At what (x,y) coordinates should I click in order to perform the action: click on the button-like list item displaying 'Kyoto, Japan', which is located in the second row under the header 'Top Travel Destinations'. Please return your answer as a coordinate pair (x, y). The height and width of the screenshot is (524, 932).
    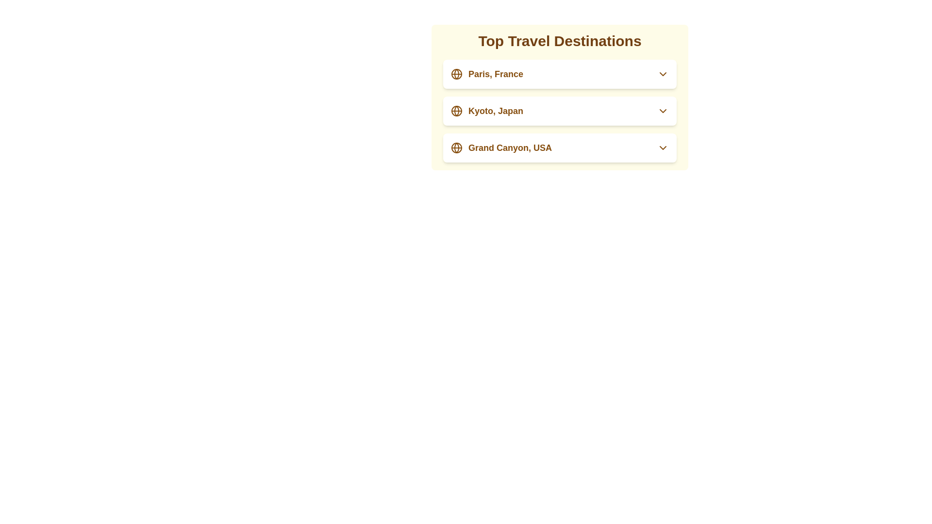
    Looking at the image, I should click on (487, 110).